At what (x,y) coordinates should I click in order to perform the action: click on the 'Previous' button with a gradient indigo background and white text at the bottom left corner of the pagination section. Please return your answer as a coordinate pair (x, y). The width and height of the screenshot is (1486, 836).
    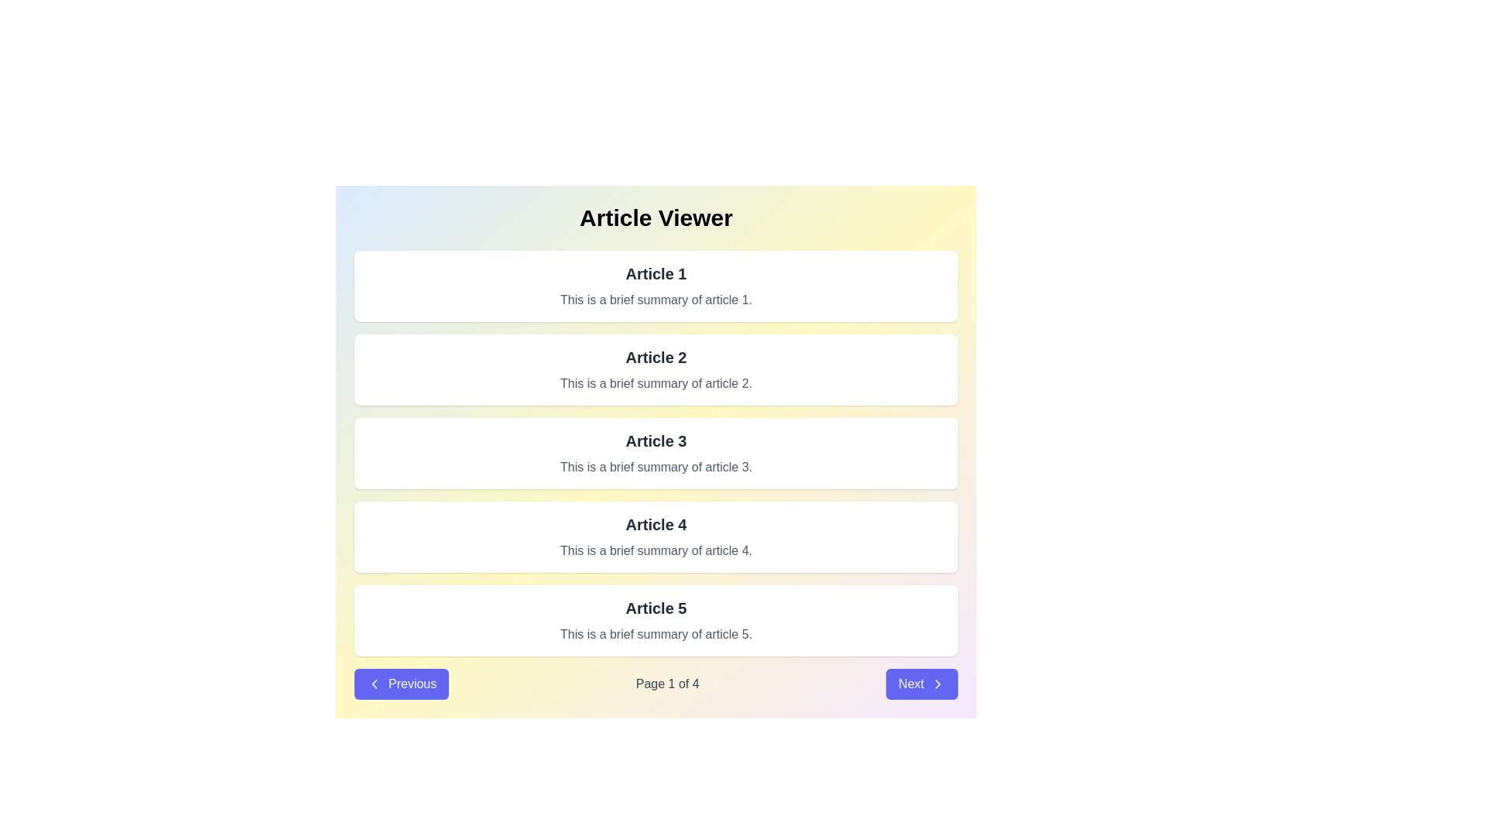
    Looking at the image, I should click on (402, 683).